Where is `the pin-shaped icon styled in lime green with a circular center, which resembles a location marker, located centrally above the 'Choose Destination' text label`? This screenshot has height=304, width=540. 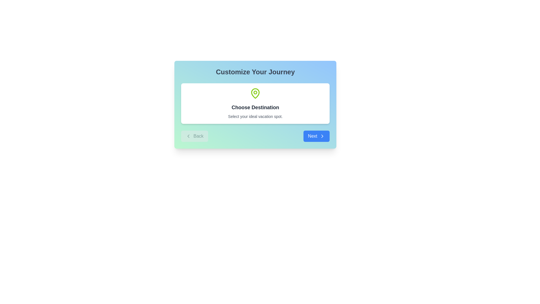 the pin-shaped icon styled in lime green with a circular center, which resembles a location marker, located centrally above the 'Choose Destination' text label is located at coordinates (255, 93).